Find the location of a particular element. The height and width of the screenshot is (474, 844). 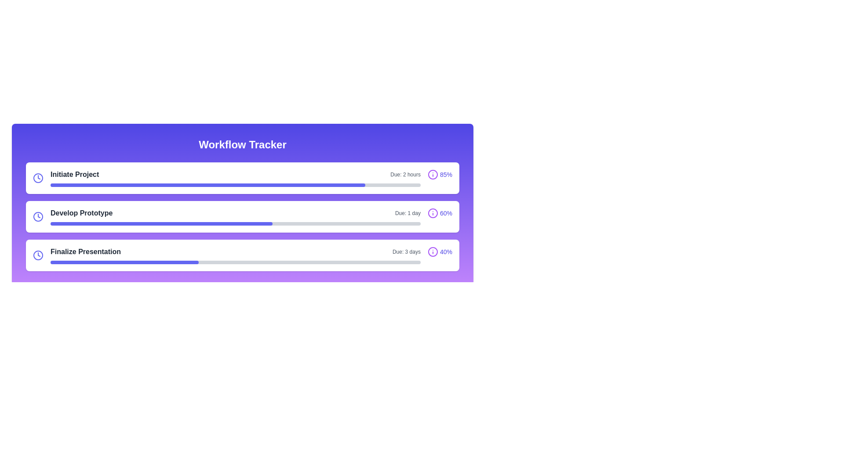

the text label that displays 'Due: 2 hours', which is located to the right of the 'Initiate Project' item in the first task row of the workflow tracker interface is located at coordinates (405, 174).